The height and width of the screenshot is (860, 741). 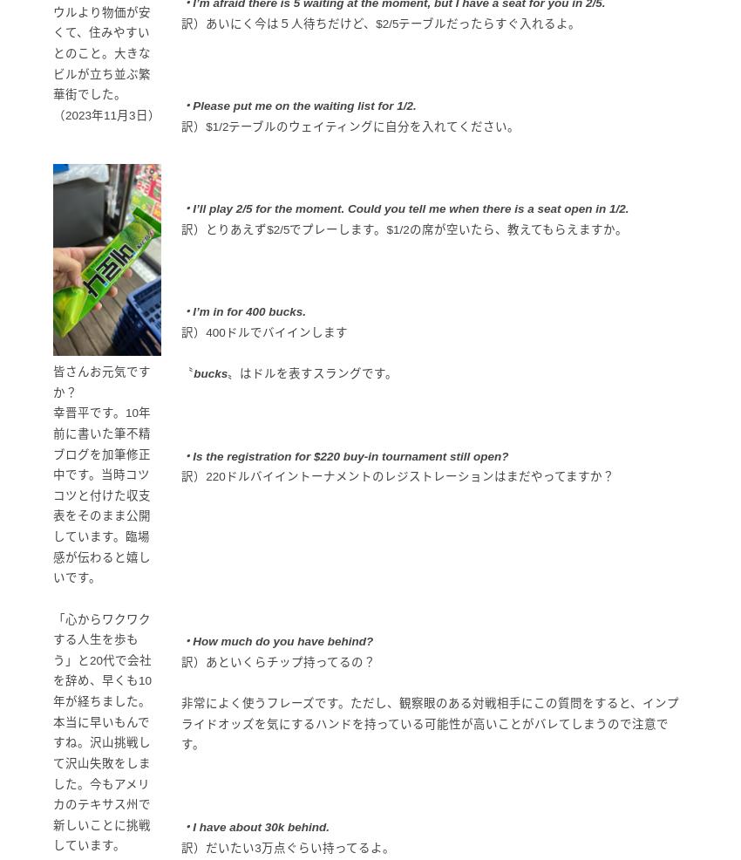 I want to click on '・I’m in for 400 bucks.', so click(x=241, y=311).